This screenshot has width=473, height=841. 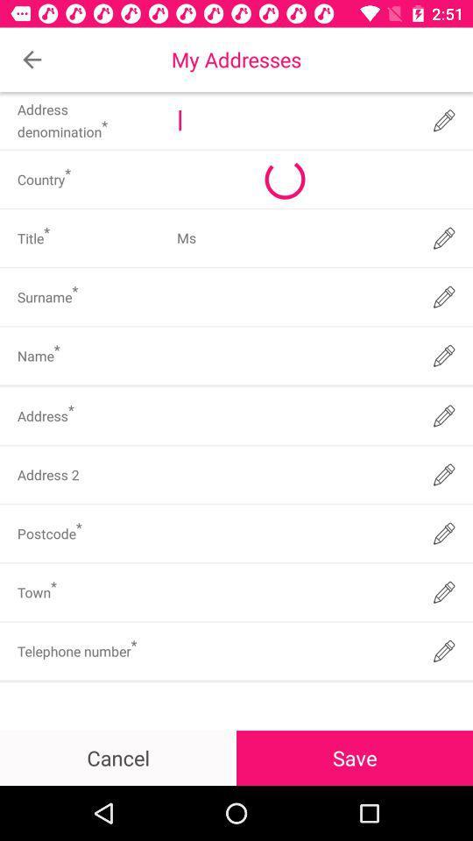 I want to click on the cancel, so click(x=118, y=757).